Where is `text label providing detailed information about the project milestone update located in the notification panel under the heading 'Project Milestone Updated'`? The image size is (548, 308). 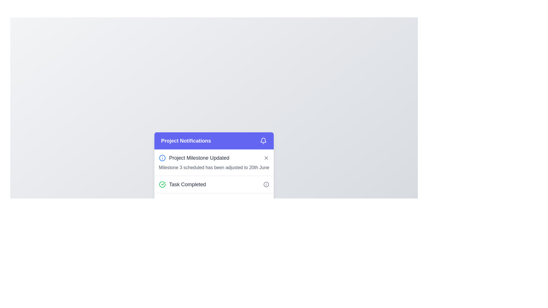
text label providing detailed information about the project milestone update located in the notification panel under the heading 'Project Milestone Updated' is located at coordinates (213, 167).